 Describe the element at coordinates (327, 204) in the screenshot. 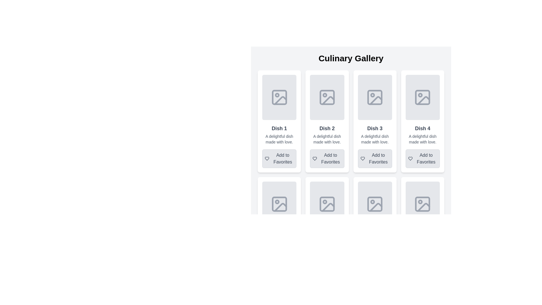

I see `the image placeholder element within the card labeled 'Dish 6', which features a light gray background and a small icon of a mountain and sun` at that location.